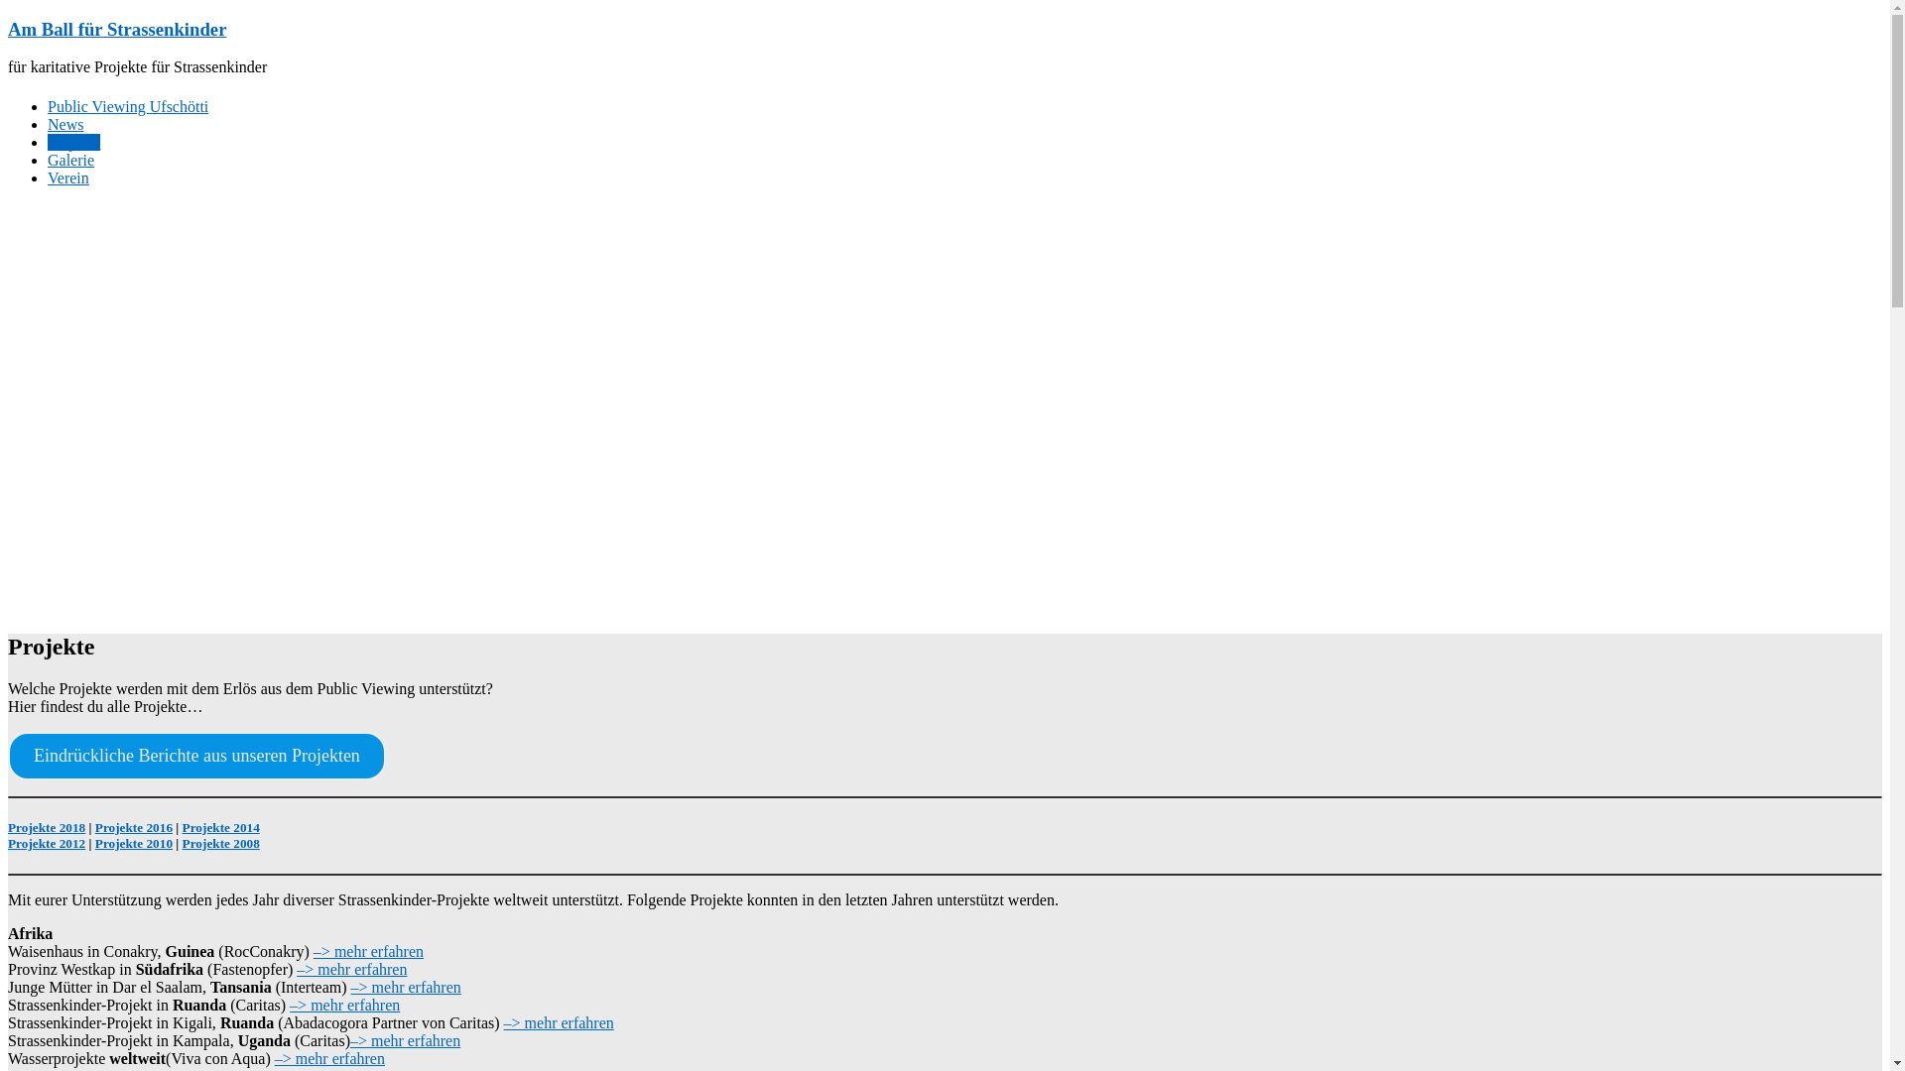  What do you see at coordinates (220, 827) in the screenshot?
I see `'Projekte 2014'` at bounding box center [220, 827].